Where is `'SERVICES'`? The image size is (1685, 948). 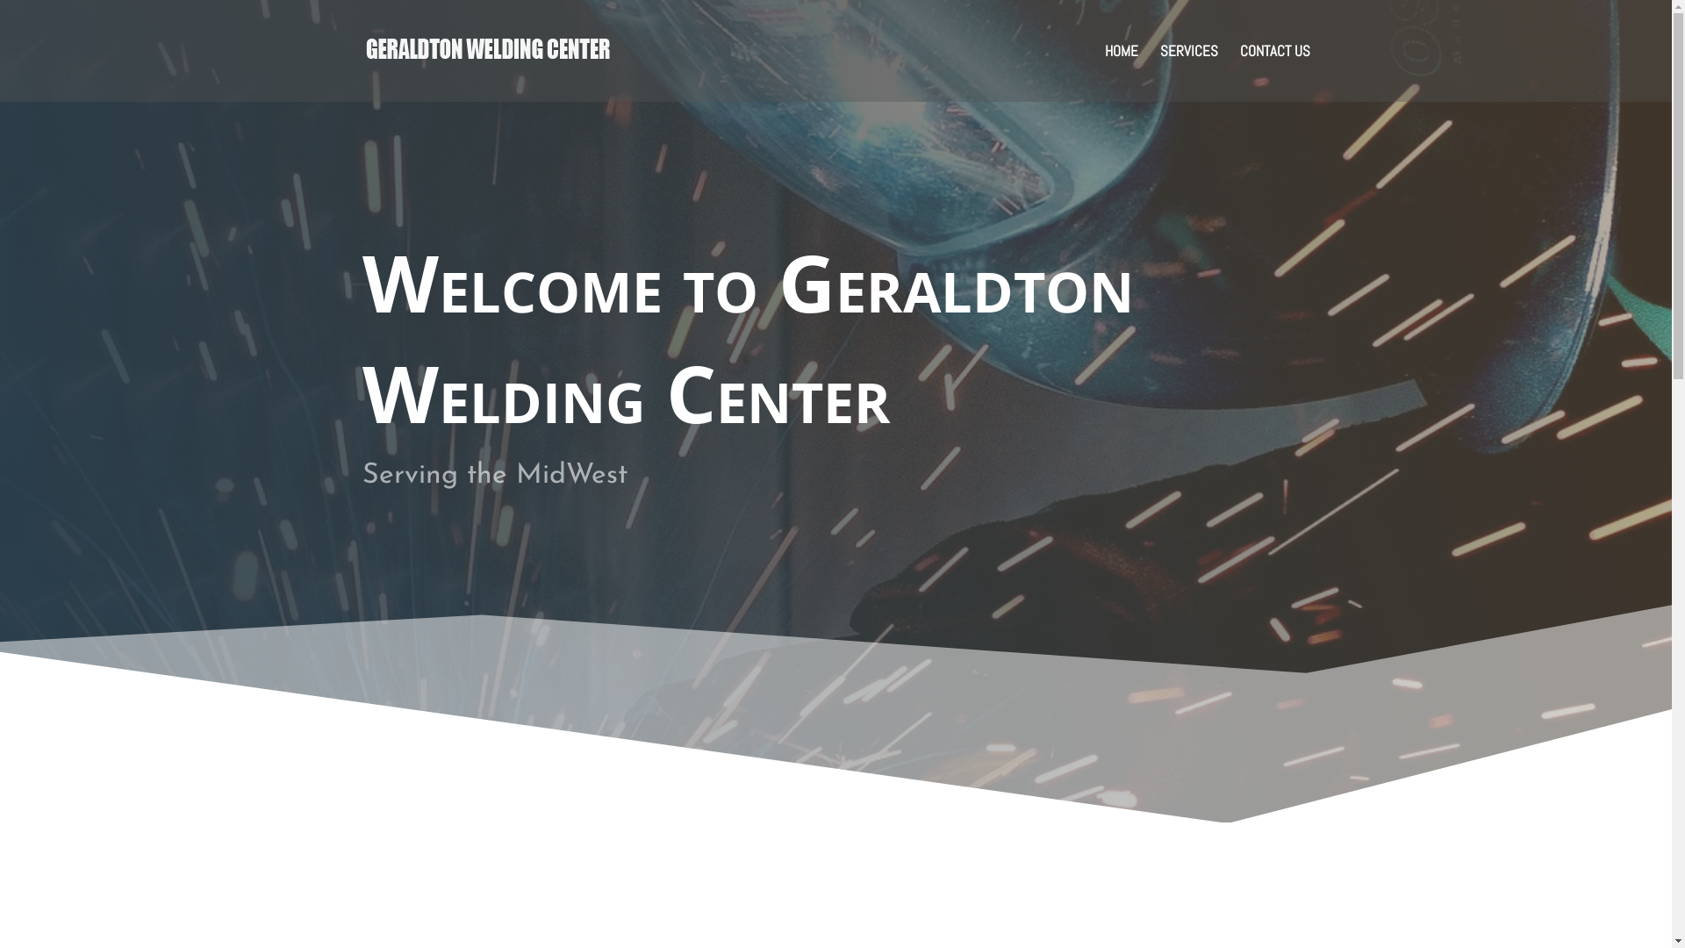 'SERVICES' is located at coordinates (1159, 72).